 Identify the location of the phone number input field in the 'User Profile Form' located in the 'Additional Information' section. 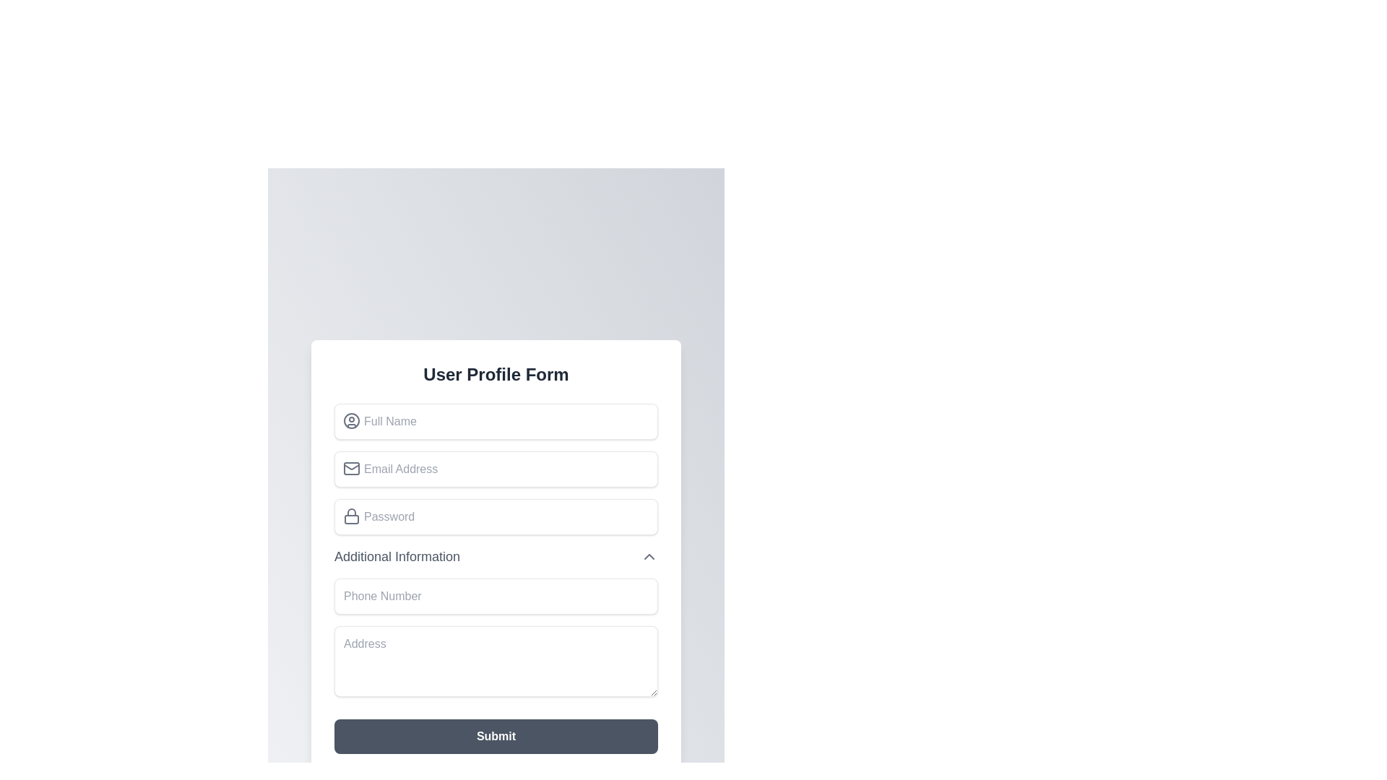
(496, 596).